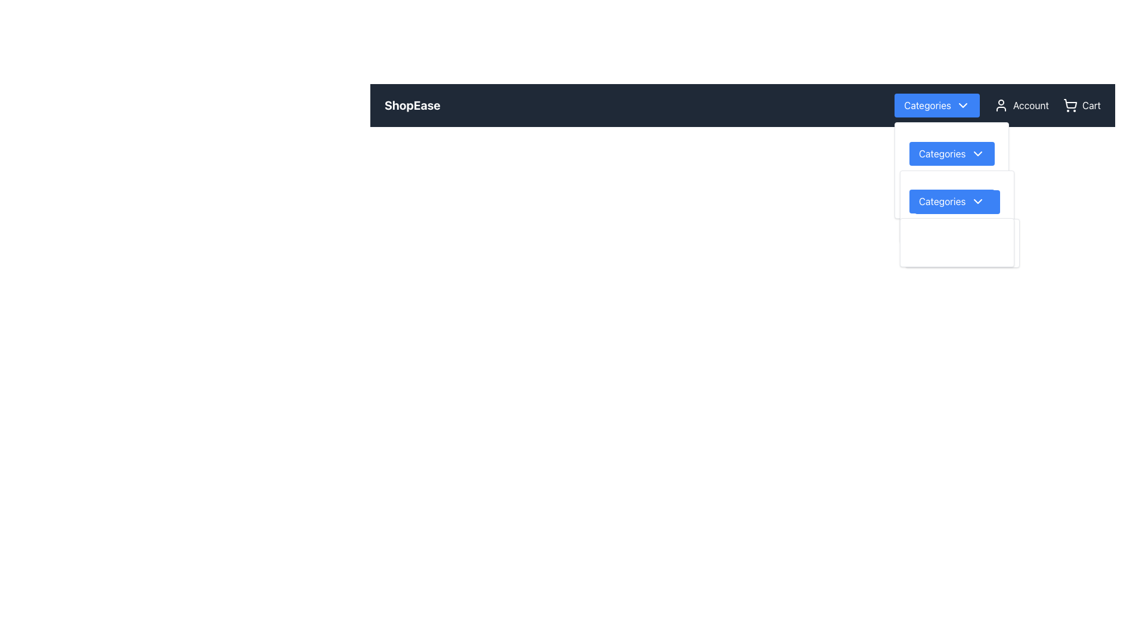  Describe the element at coordinates (977, 201) in the screenshot. I see `the small downward-facing chevron icon located to the right of the 'Categories' text within the blue button in the navigation bar` at that location.